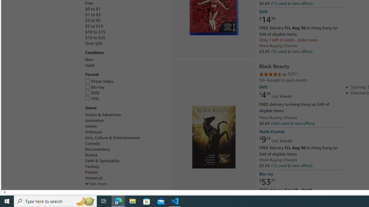 The height and width of the screenshot is (207, 369). I want to click on 'Drama', so click(125, 155).